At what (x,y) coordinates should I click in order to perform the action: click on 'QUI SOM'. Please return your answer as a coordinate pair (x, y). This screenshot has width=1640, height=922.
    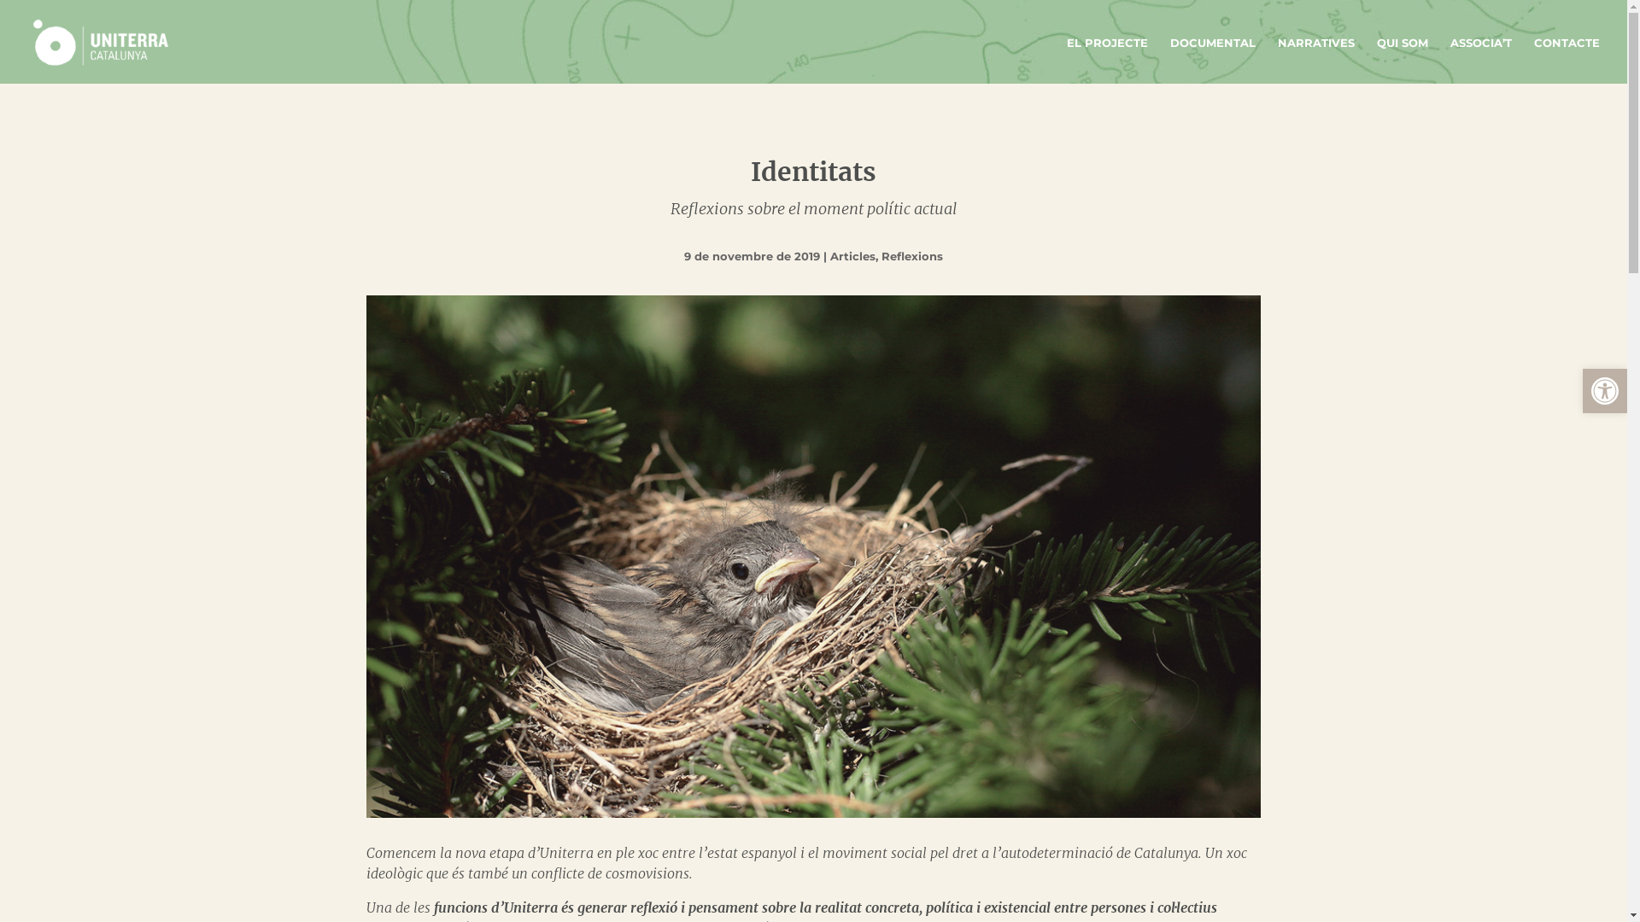
    Looking at the image, I should click on (1402, 60).